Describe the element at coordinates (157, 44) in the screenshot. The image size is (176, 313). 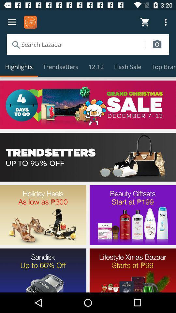
I see `camera` at that location.